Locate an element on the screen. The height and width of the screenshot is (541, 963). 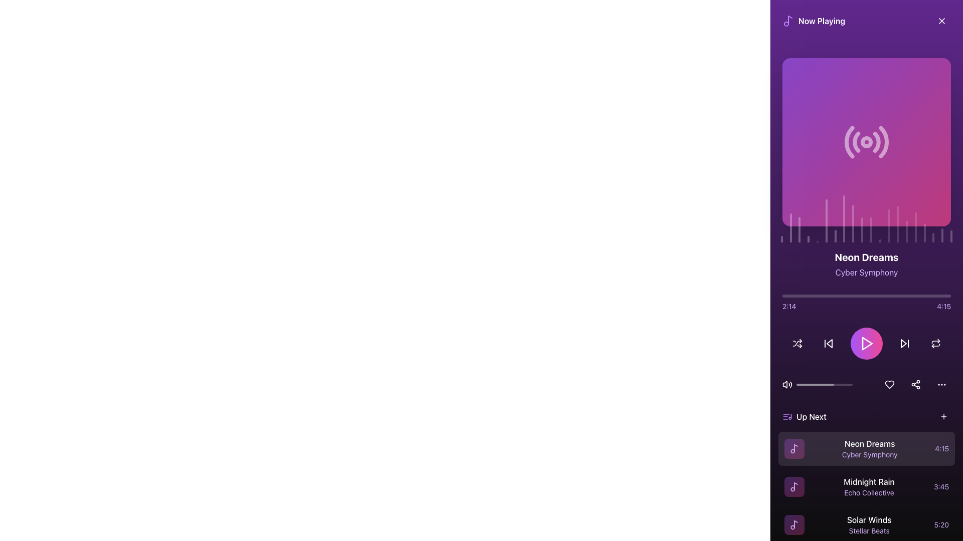
progress is located at coordinates (814, 295).